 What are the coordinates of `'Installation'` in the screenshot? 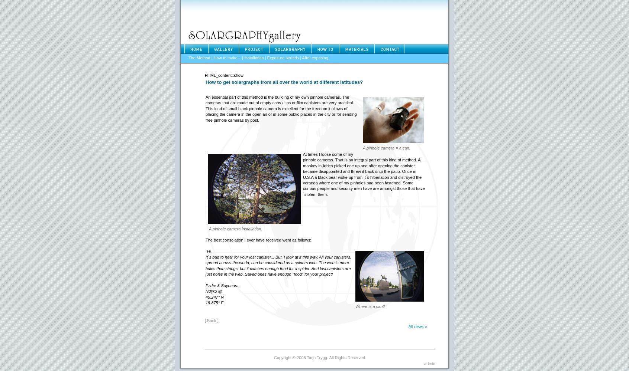 It's located at (244, 58).